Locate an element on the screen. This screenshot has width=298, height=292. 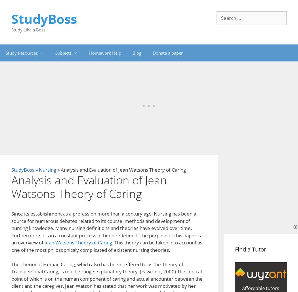
'traditional Chinese patrilocal society' is located at coordinates (116, 91).